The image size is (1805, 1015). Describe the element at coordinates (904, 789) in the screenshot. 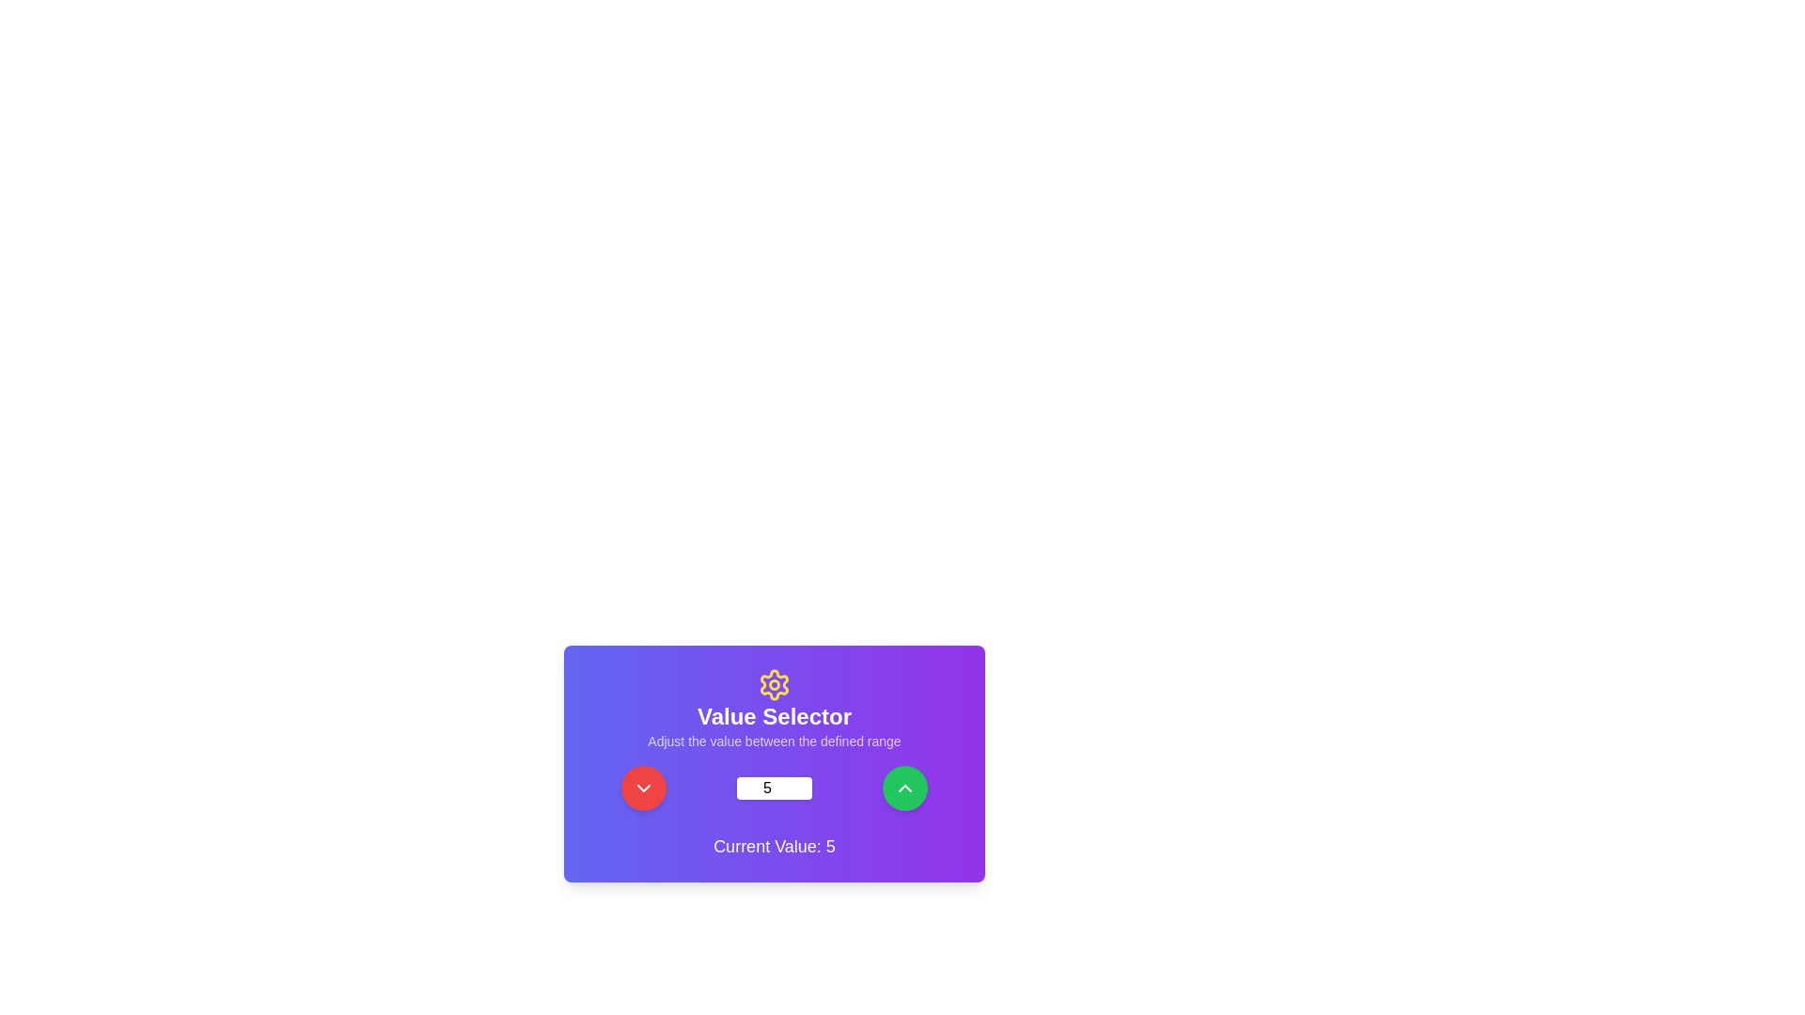

I see `the green button located on the right side of the number input field to increment the current numeric value by one unit` at that location.